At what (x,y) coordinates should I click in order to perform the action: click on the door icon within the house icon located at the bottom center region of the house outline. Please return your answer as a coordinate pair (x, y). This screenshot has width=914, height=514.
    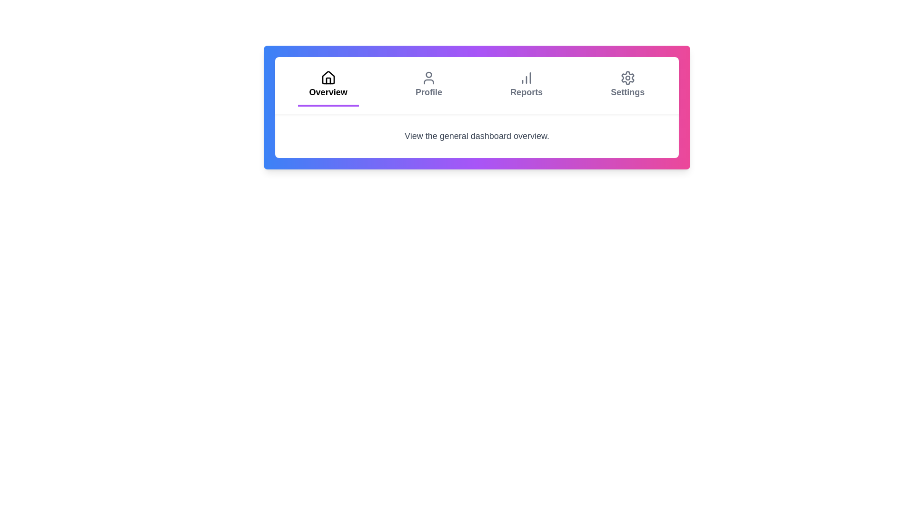
    Looking at the image, I should click on (328, 80).